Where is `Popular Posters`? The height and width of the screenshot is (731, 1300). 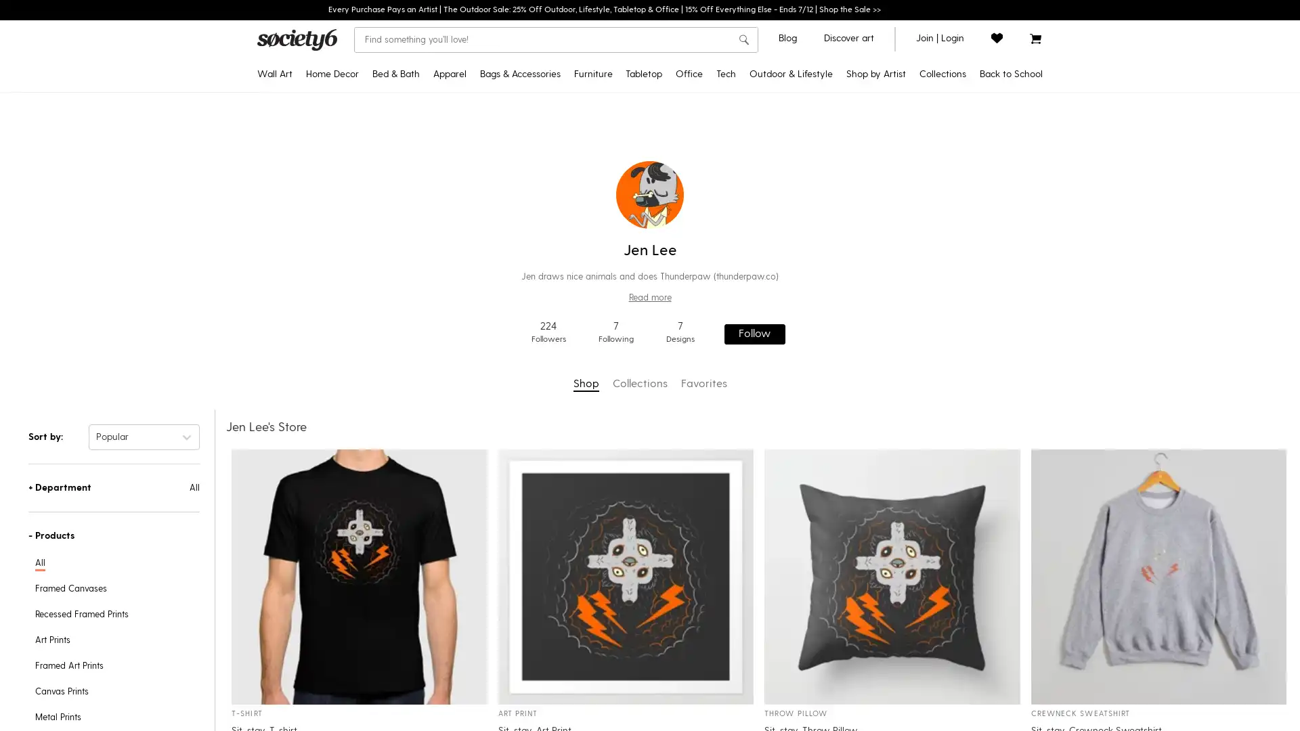 Popular Posters is located at coordinates (974, 152).